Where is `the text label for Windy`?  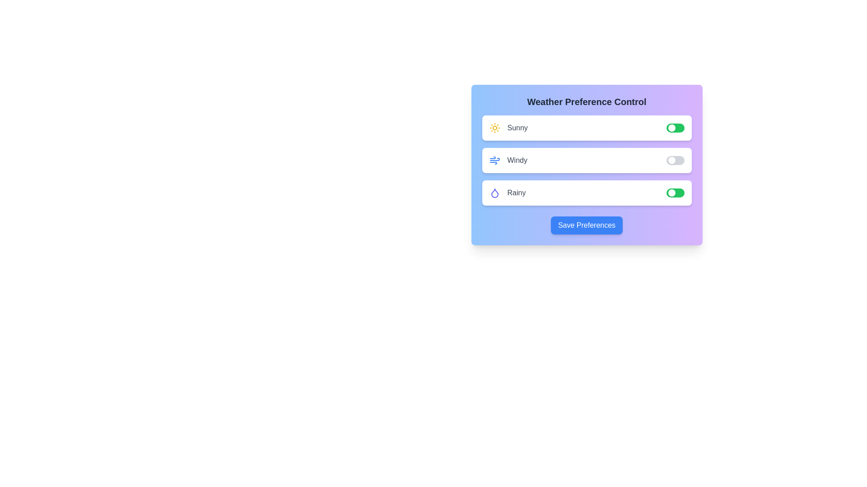 the text label for Windy is located at coordinates (508, 160).